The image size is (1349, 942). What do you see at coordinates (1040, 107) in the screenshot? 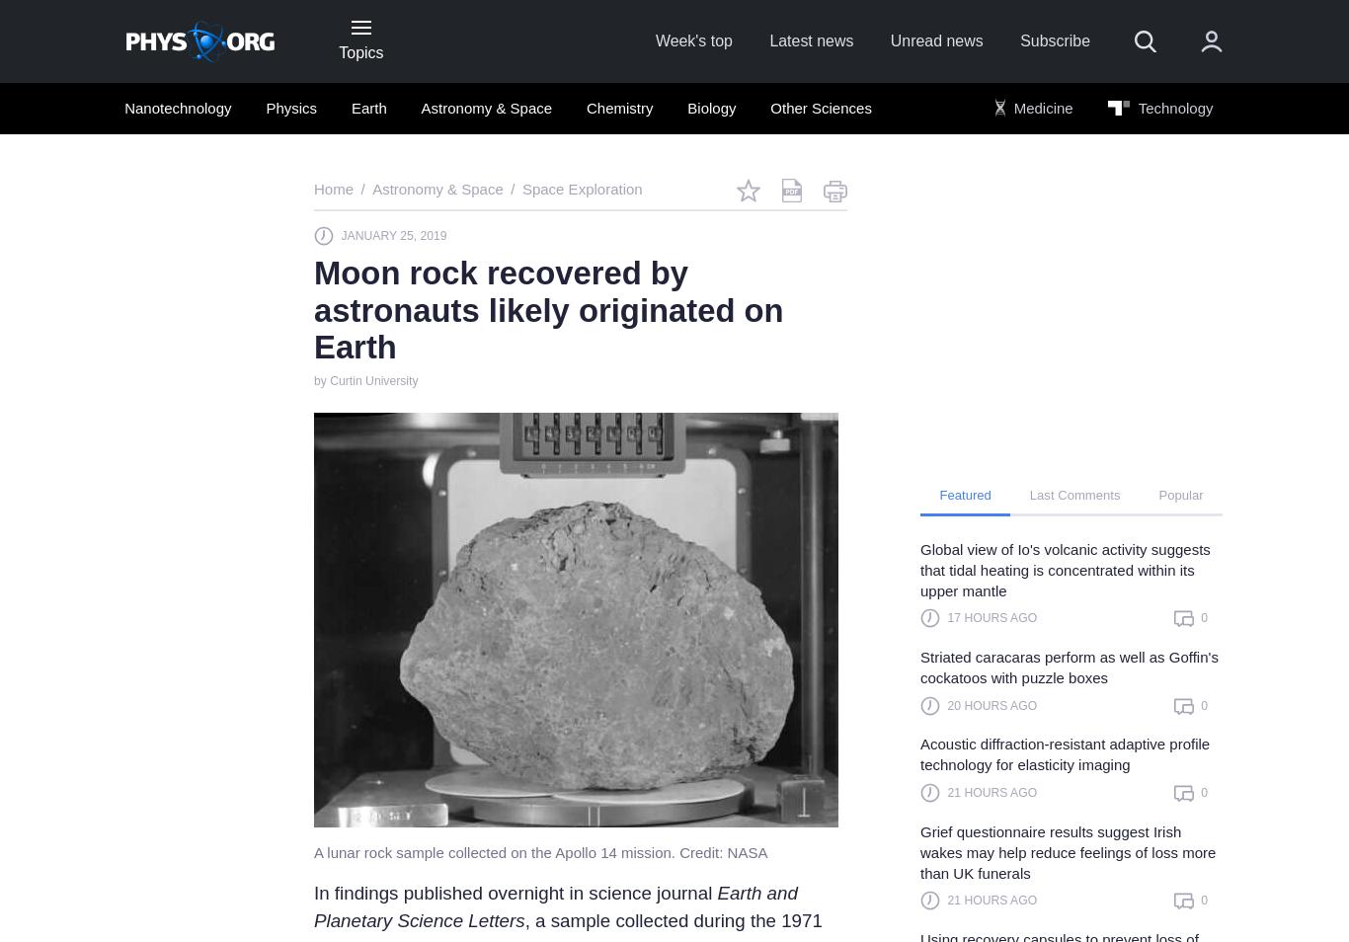
I see `'Medicine'` at bounding box center [1040, 107].